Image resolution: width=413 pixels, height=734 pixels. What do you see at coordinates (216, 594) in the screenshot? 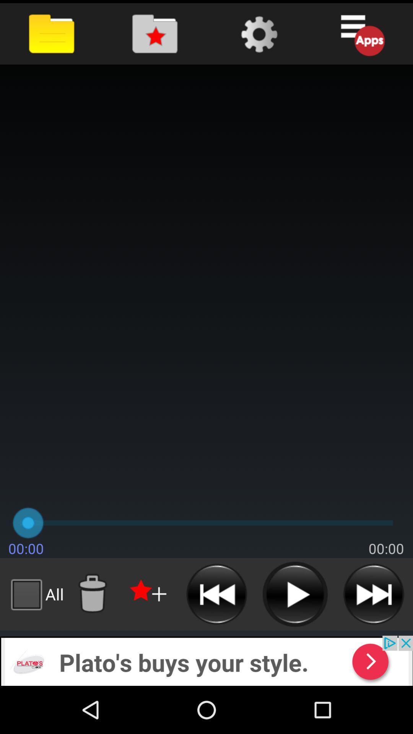
I see `rewind` at bounding box center [216, 594].